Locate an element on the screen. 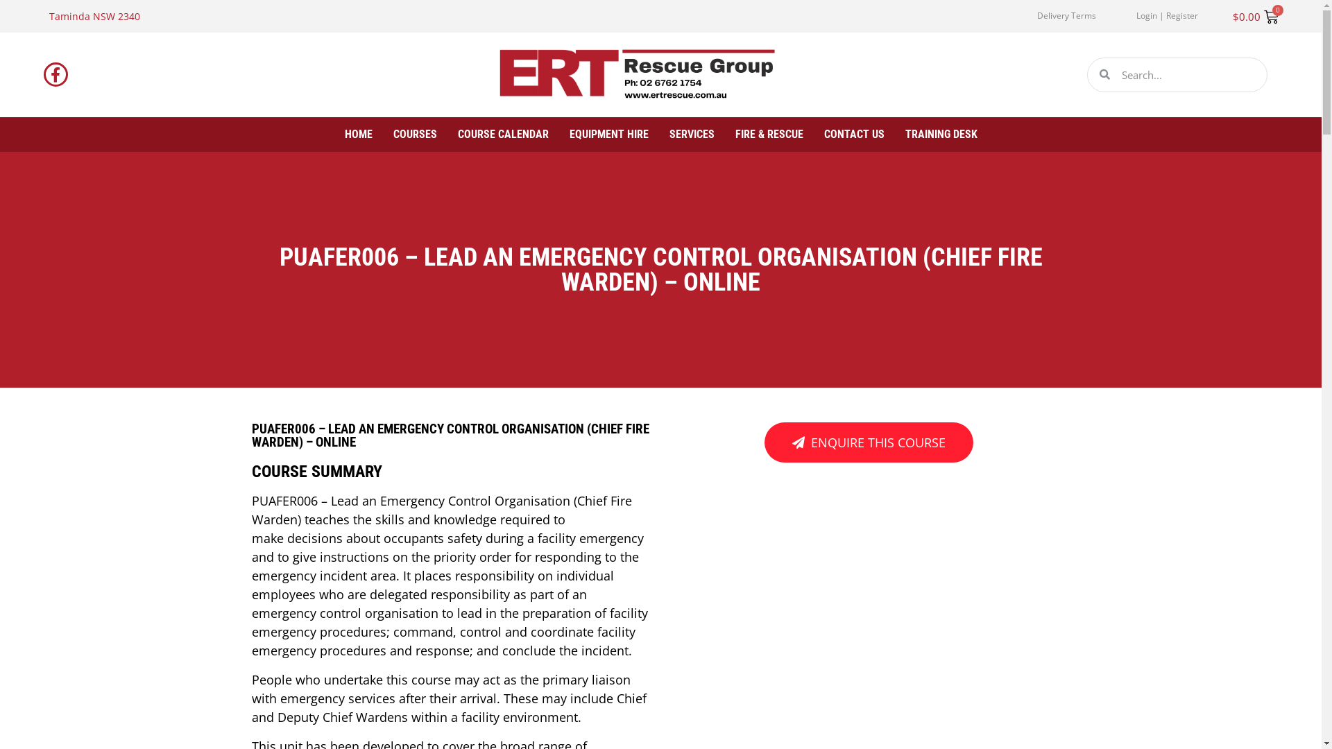 The image size is (1332, 749). 'COURSES' is located at coordinates (413, 134).